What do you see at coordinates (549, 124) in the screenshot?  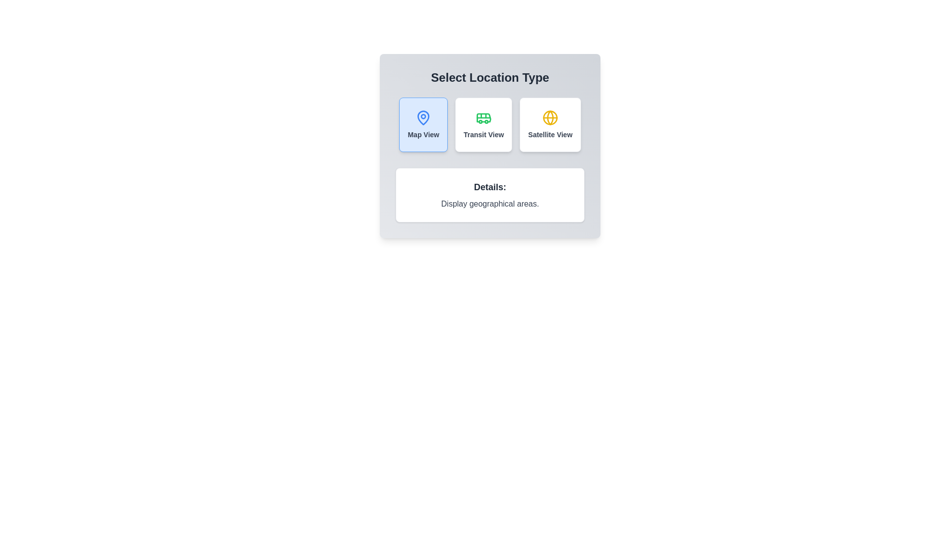 I see `the 'Satellite View' button, which is the third button from the left in the horizontal arrangement of options for location type selection` at bounding box center [549, 124].